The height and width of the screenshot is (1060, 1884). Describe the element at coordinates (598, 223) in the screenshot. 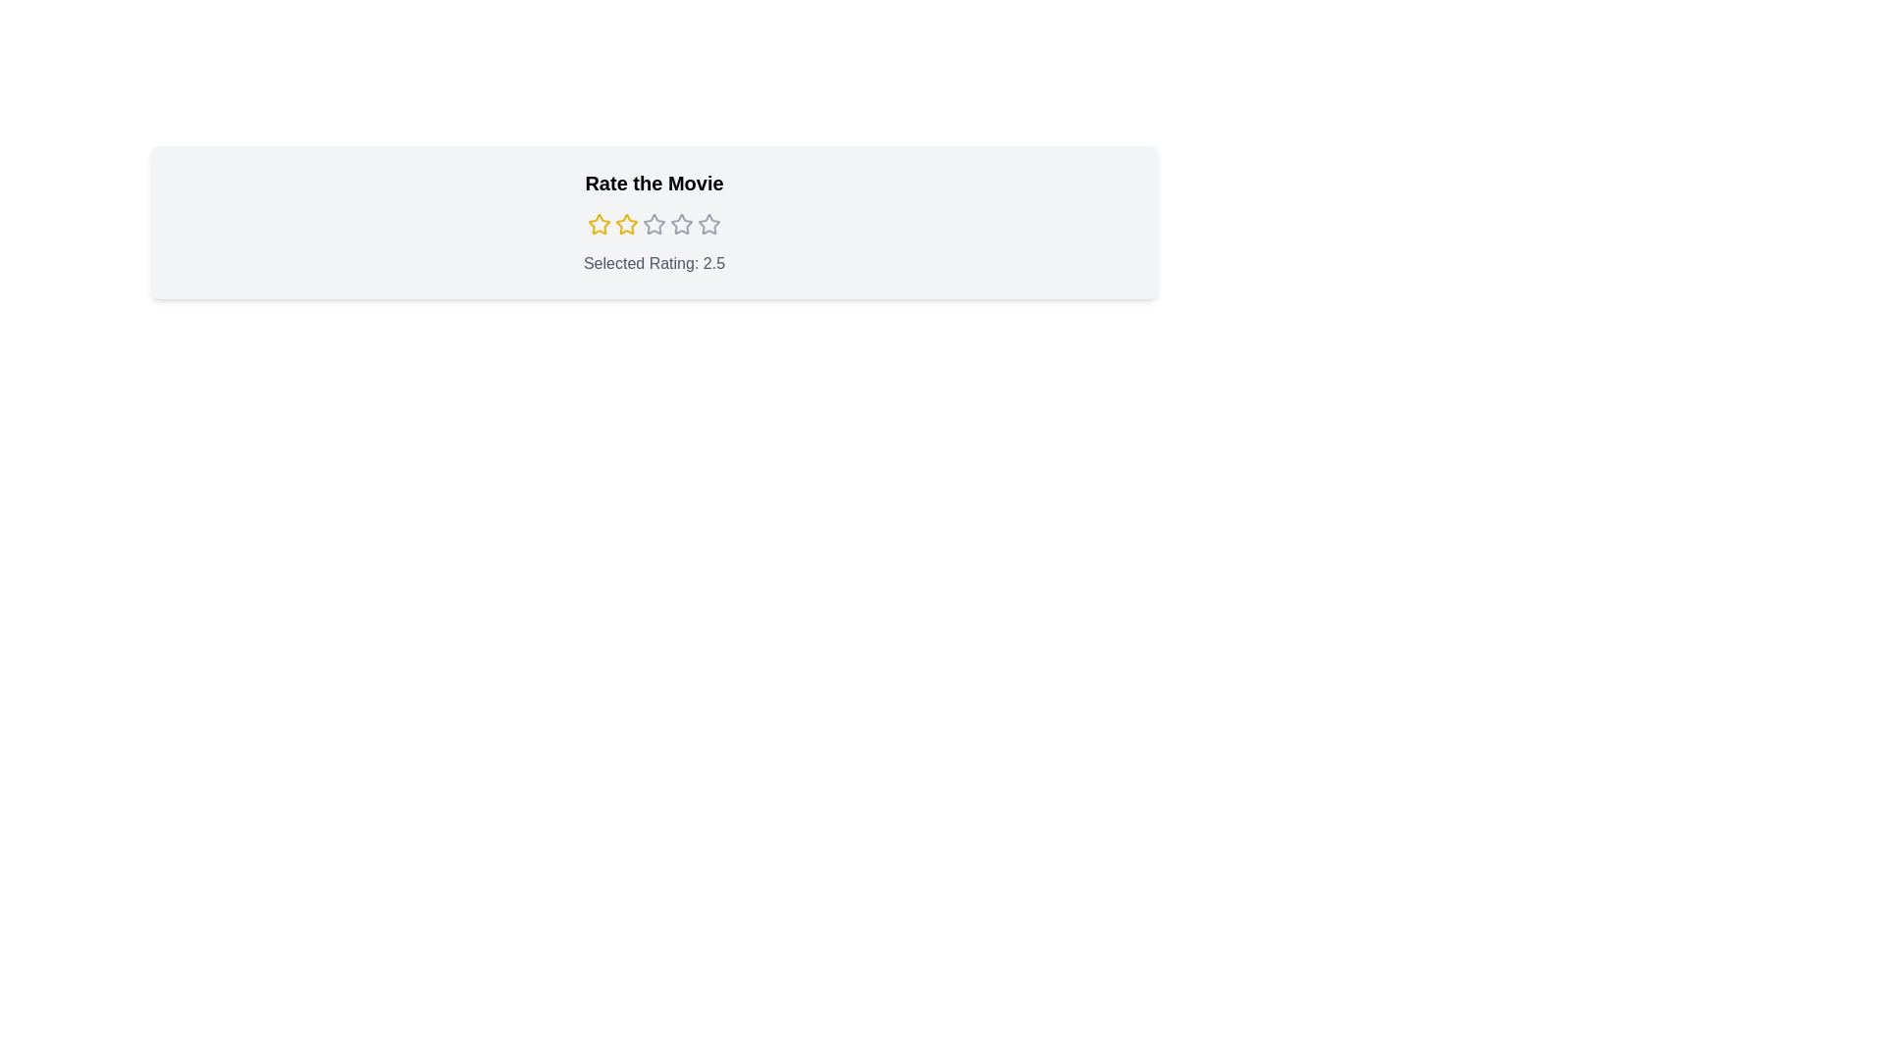

I see `the first Rating Star Icon located under the 'Rate the Movie' label` at that location.